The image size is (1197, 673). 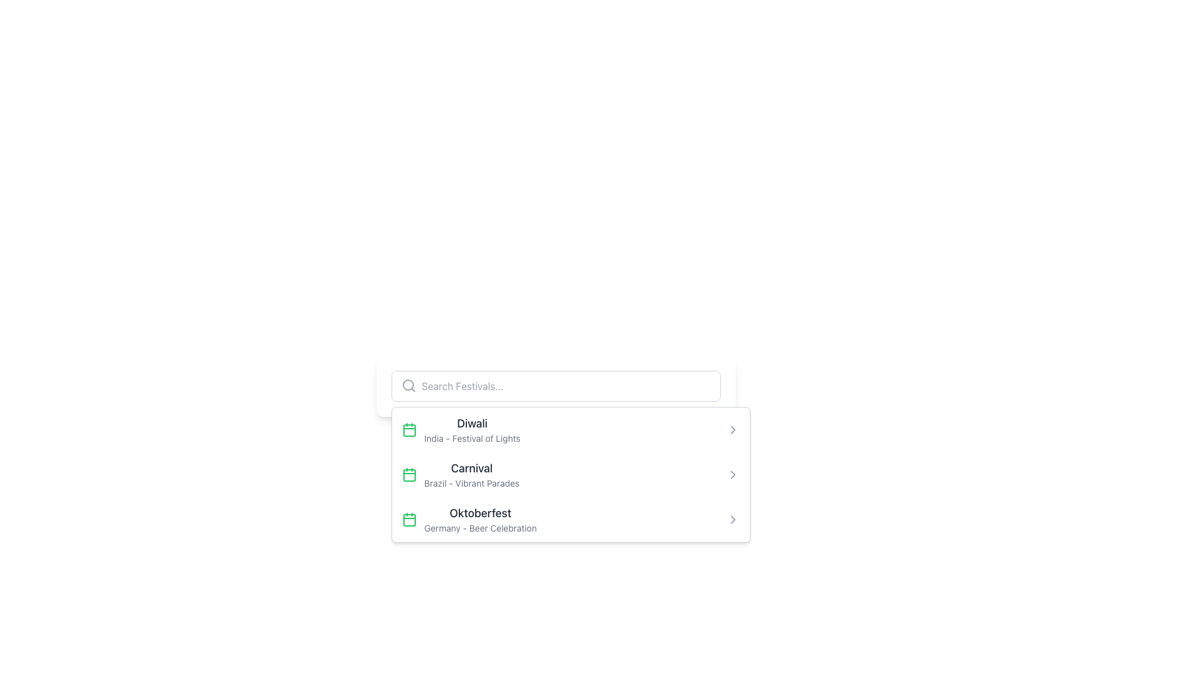 I want to click on the rightward-facing chevron icon at the far right end of the 'Carnival - Brazil - Vibrant Parades' list item to initiate navigation or reveal more information, so click(x=733, y=475).